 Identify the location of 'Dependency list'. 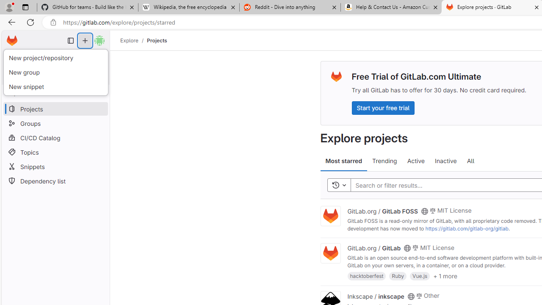
(55, 180).